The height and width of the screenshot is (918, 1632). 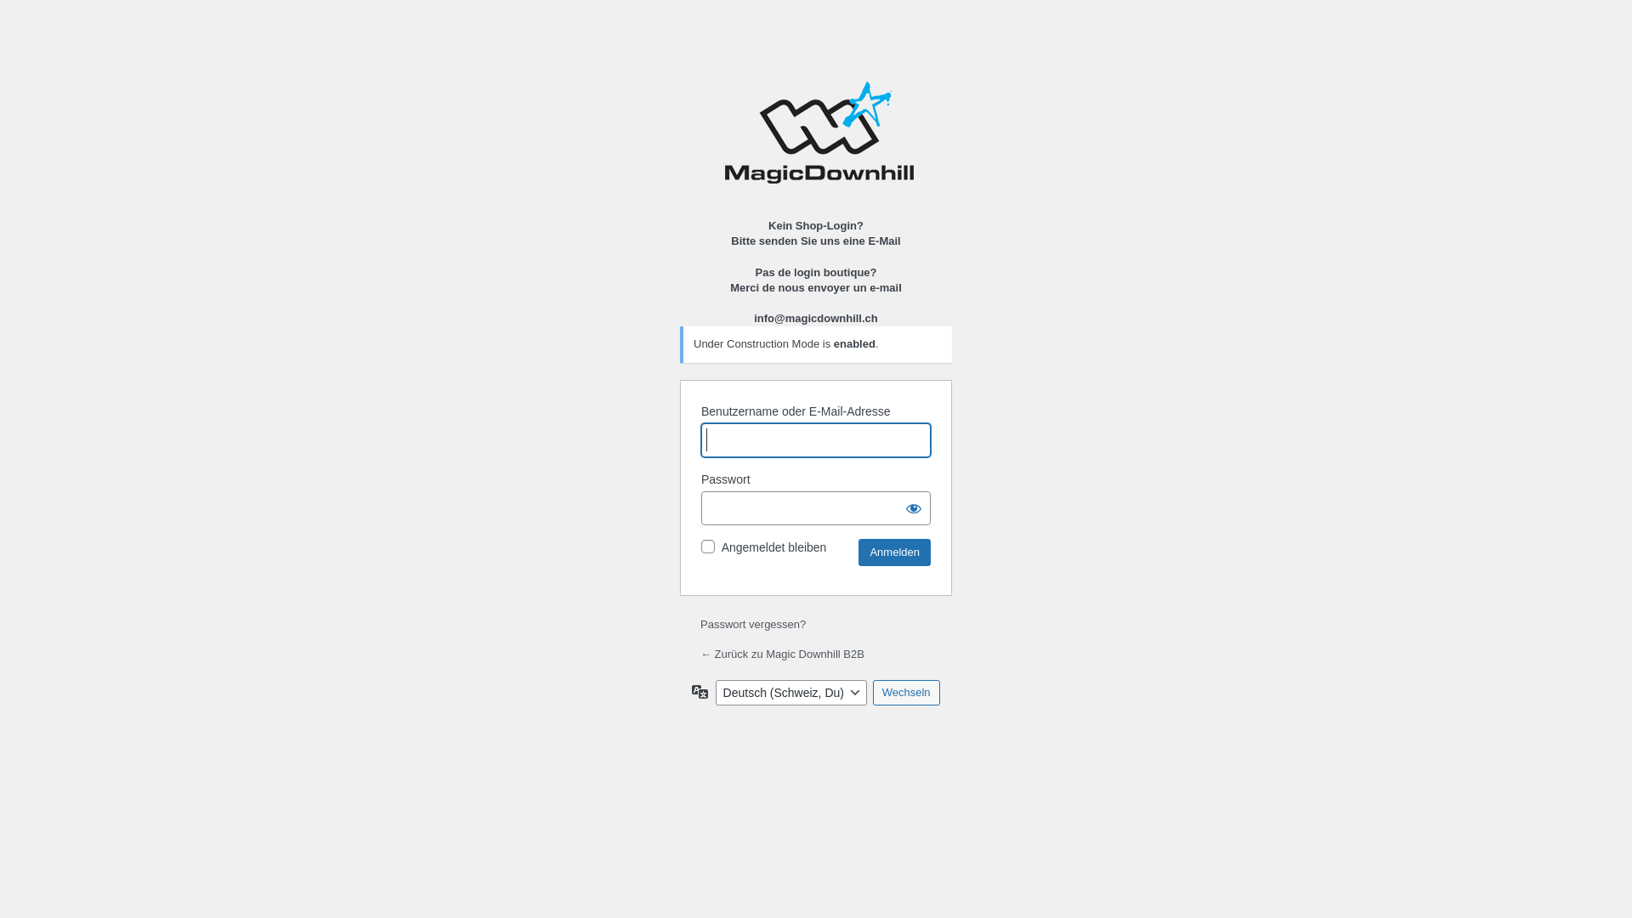 What do you see at coordinates (873, 692) in the screenshot?
I see `'Wechseln'` at bounding box center [873, 692].